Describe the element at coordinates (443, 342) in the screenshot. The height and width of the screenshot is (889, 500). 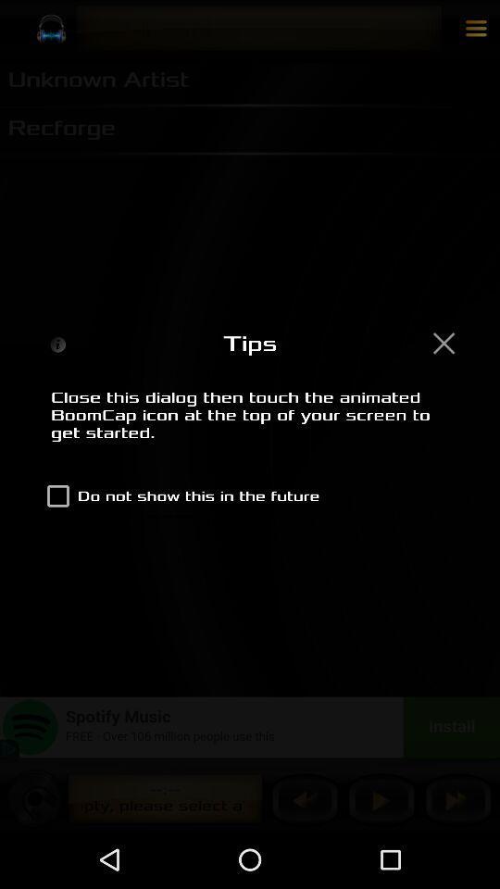
I see `the item on the right` at that location.